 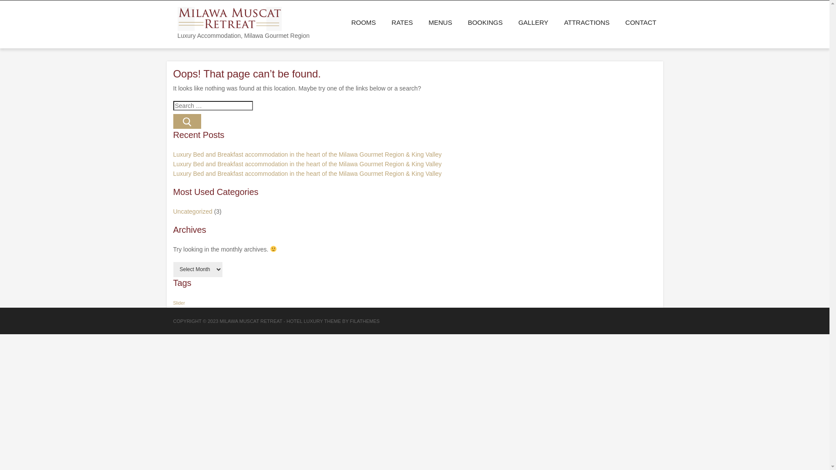 What do you see at coordinates (192, 211) in the screenshot?
I see `'Uncategorized'` at bounding box center [192, 211].